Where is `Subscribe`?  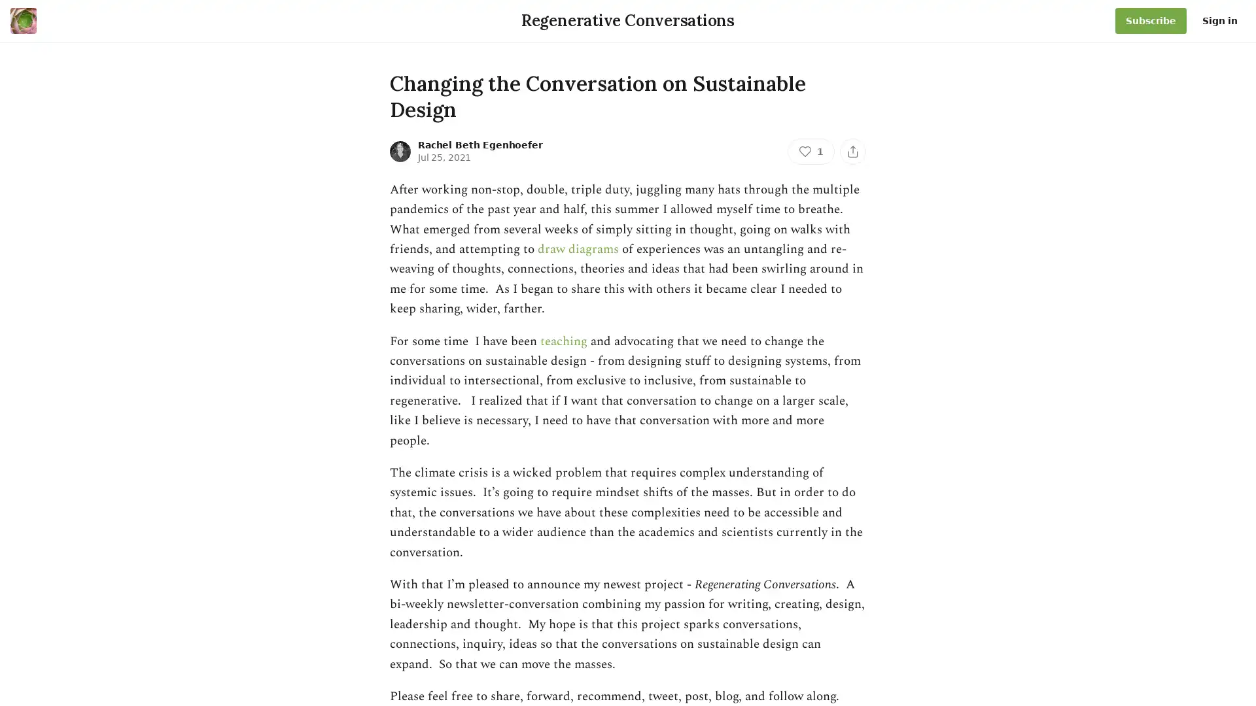
Subscribe is located at coordinates (1150, 20).